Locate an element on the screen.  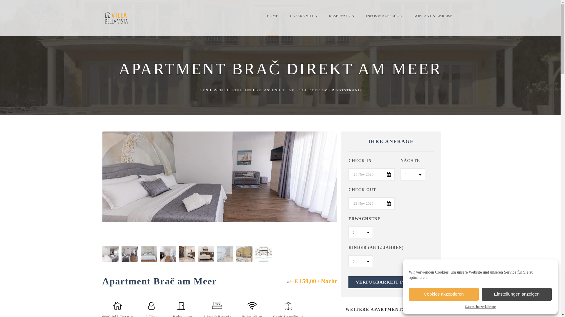
'RESERVATION' is located at coordinates (342, 20).